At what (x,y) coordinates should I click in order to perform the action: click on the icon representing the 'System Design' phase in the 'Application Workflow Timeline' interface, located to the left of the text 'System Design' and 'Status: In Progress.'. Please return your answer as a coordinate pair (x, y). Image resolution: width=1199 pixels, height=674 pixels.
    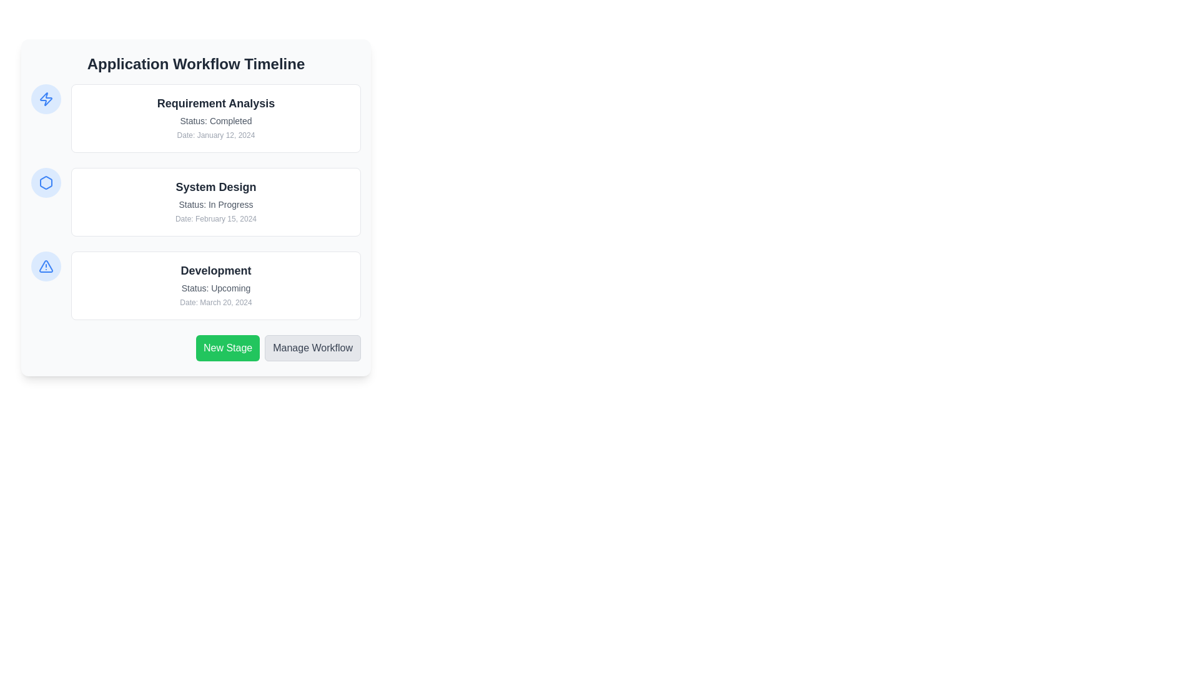
    Looking at the image, I should click on (46, 183).